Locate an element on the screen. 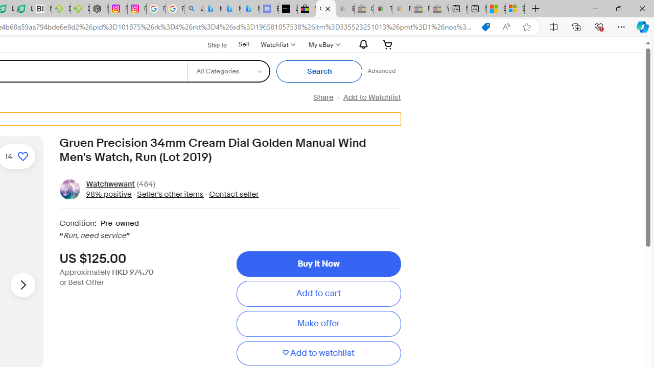 This screenshot has width=654, height=367. 'Watchwewant' is located at coordinates (110, 184).